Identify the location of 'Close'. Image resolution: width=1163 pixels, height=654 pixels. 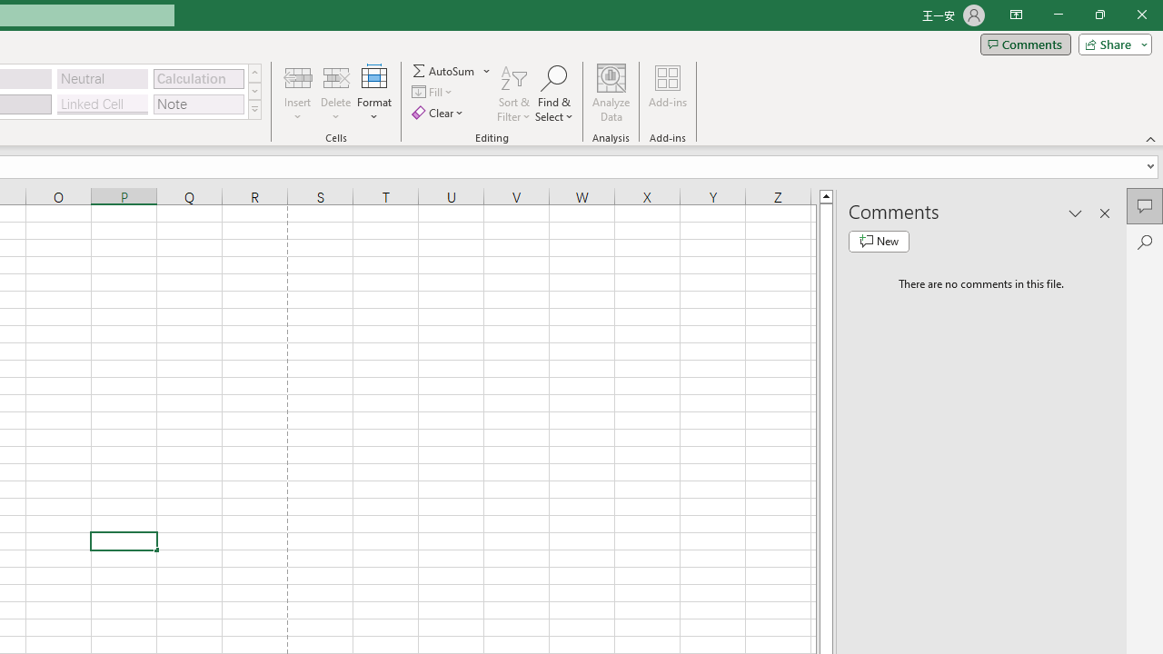
(1140, 15).